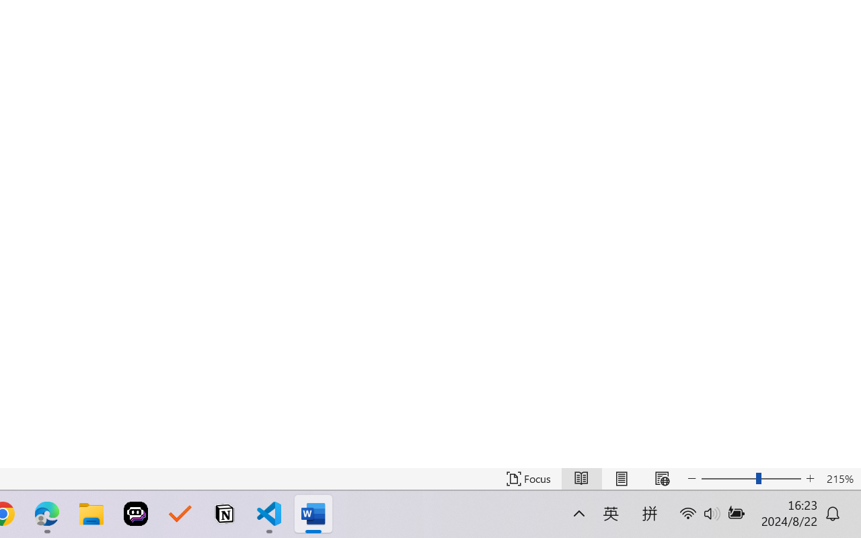 This screenshot has width=861, height=538. Describe the element at coordinates (692, 478) in the screenshot. I see `'Decrease Text Size'` at that location.